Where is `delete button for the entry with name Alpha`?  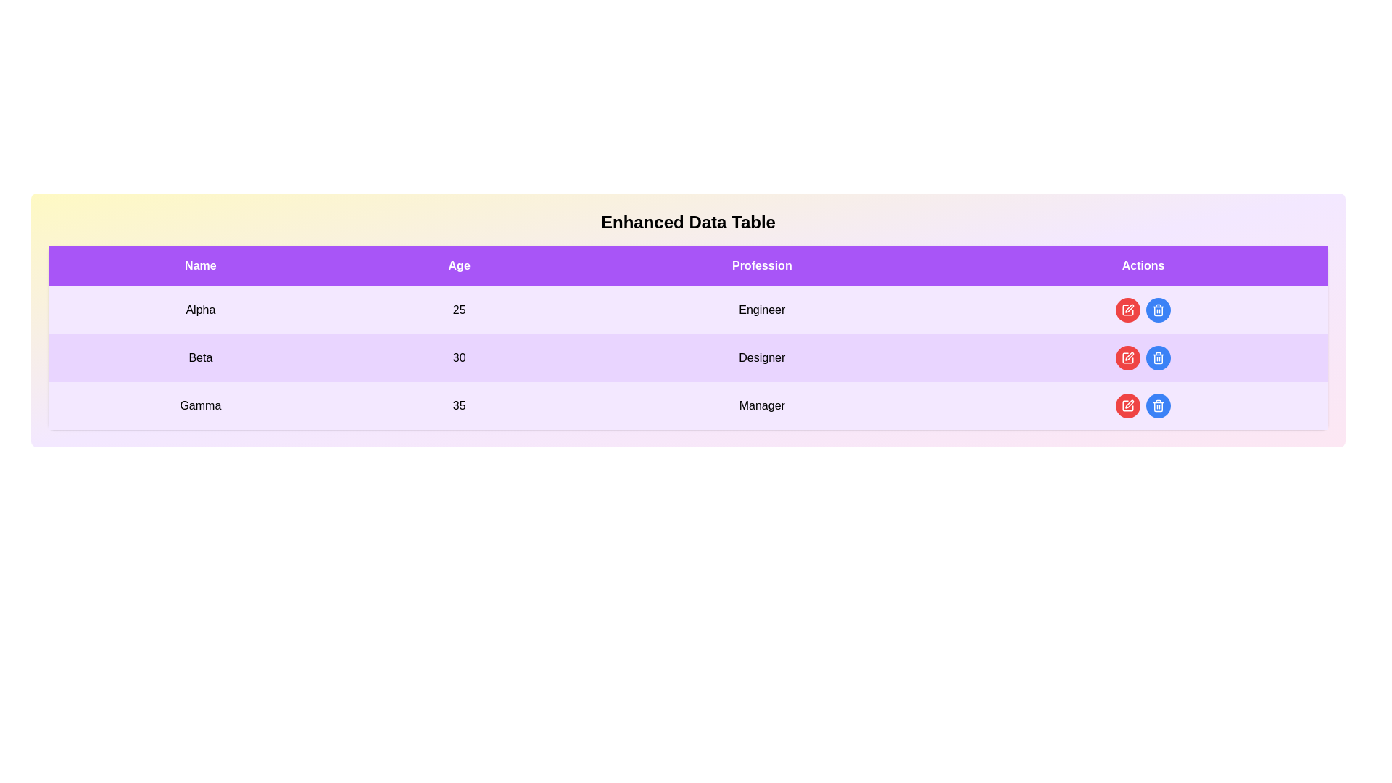 delete button for the entry with name Alpha is located at coordinates (1158, 310).